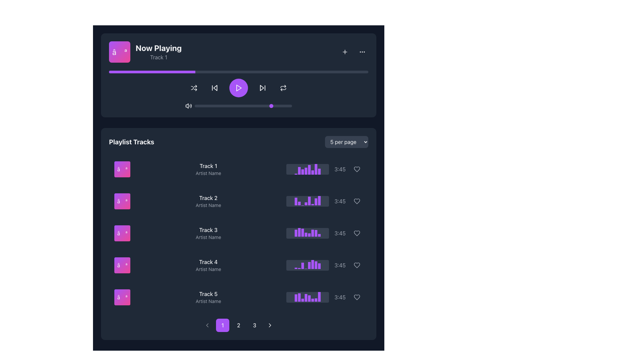  I want to click on the media play/pause button located at the center of the control row, positioned between the skip-back and skip-forward buttons, so click(238, 87).